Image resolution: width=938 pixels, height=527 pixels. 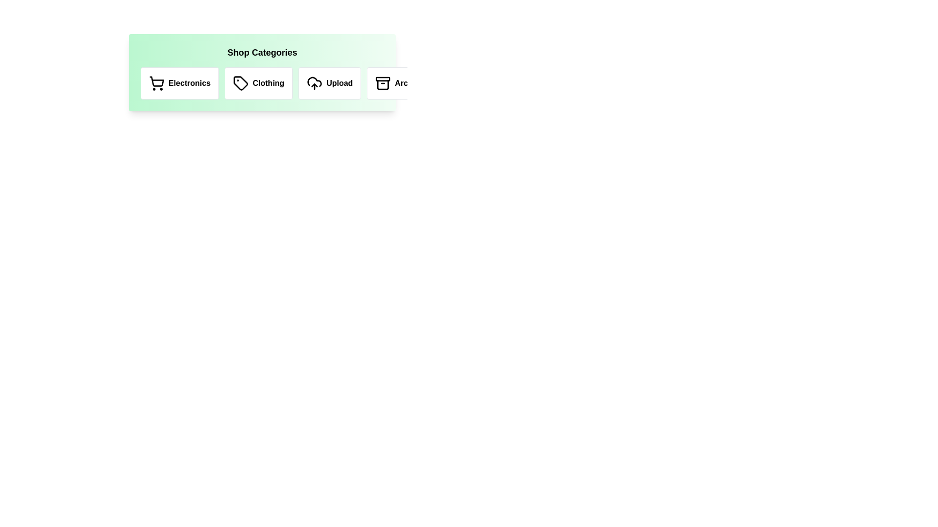 What do you see at coordinates (330, 82) in the screenshot?
I see `the category Upload to select it` at bounding box center [330, 82].